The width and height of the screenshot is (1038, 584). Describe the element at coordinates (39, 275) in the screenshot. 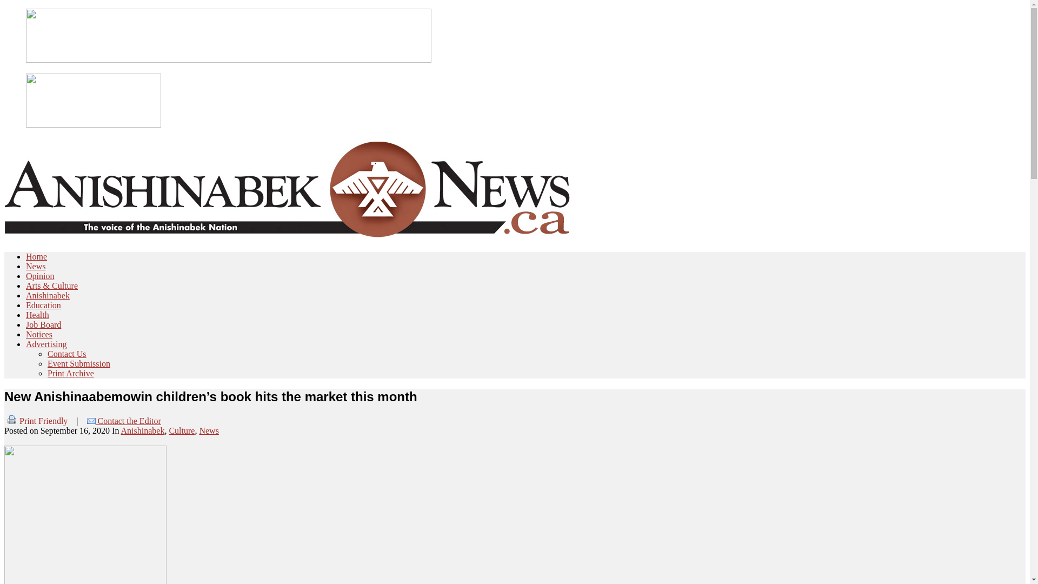

I see `'Opinion'` at that location.